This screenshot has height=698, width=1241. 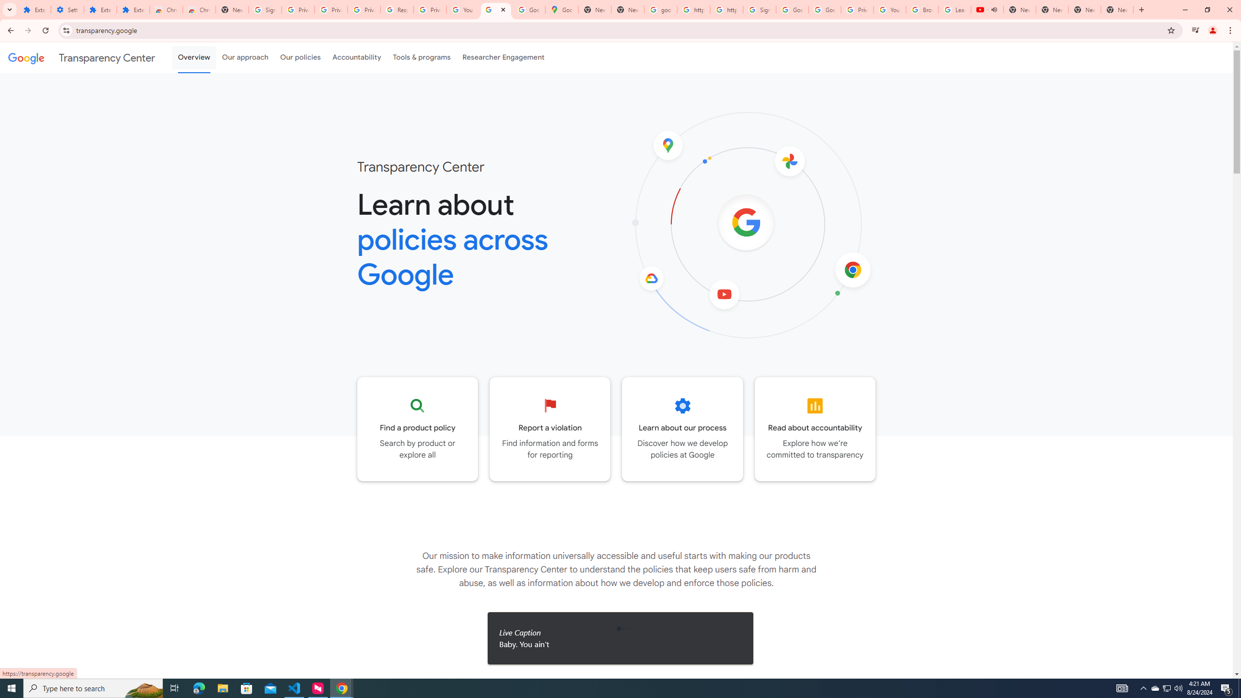 I want to click on 'https://scholar.google.com/', so click(x=693, y=9).